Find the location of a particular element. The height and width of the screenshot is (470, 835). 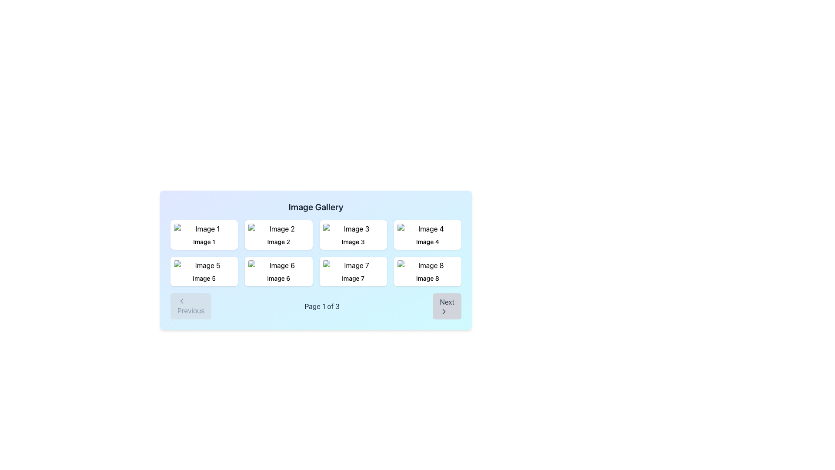

to select the Gallery item labeled 'Image 3', which is a white box with rounded corners and a thumbnail image placeholder is located at coordinates (353, 235).